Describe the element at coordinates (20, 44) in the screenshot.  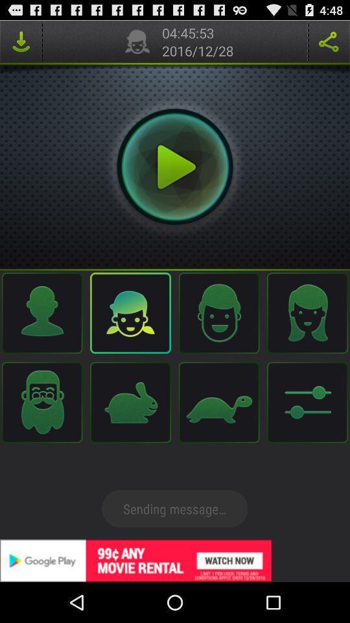
I see `the file_download icon` at that location.